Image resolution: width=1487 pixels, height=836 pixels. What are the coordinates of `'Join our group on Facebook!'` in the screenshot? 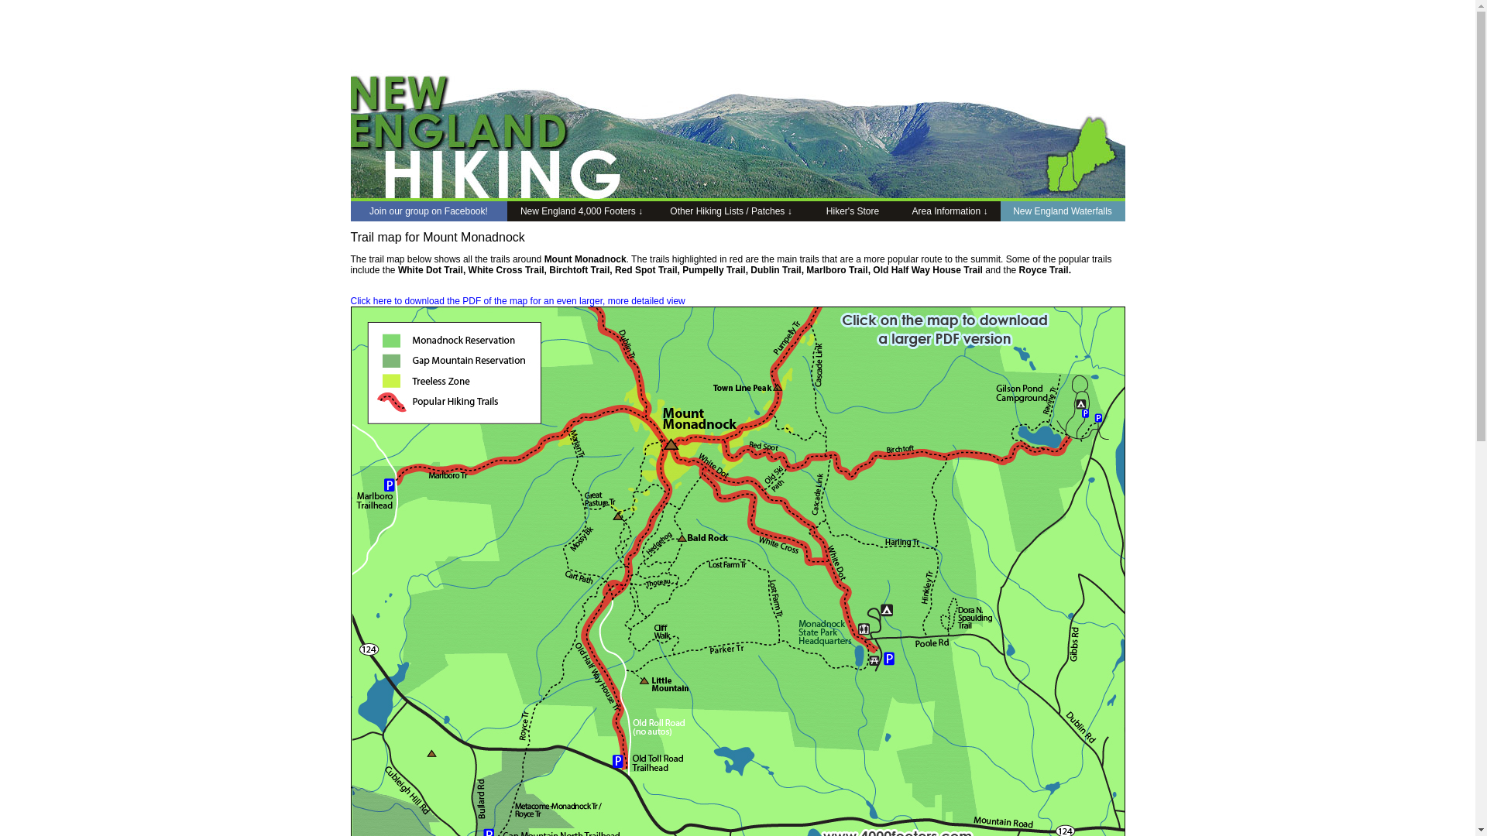 It's located at (349, 211).